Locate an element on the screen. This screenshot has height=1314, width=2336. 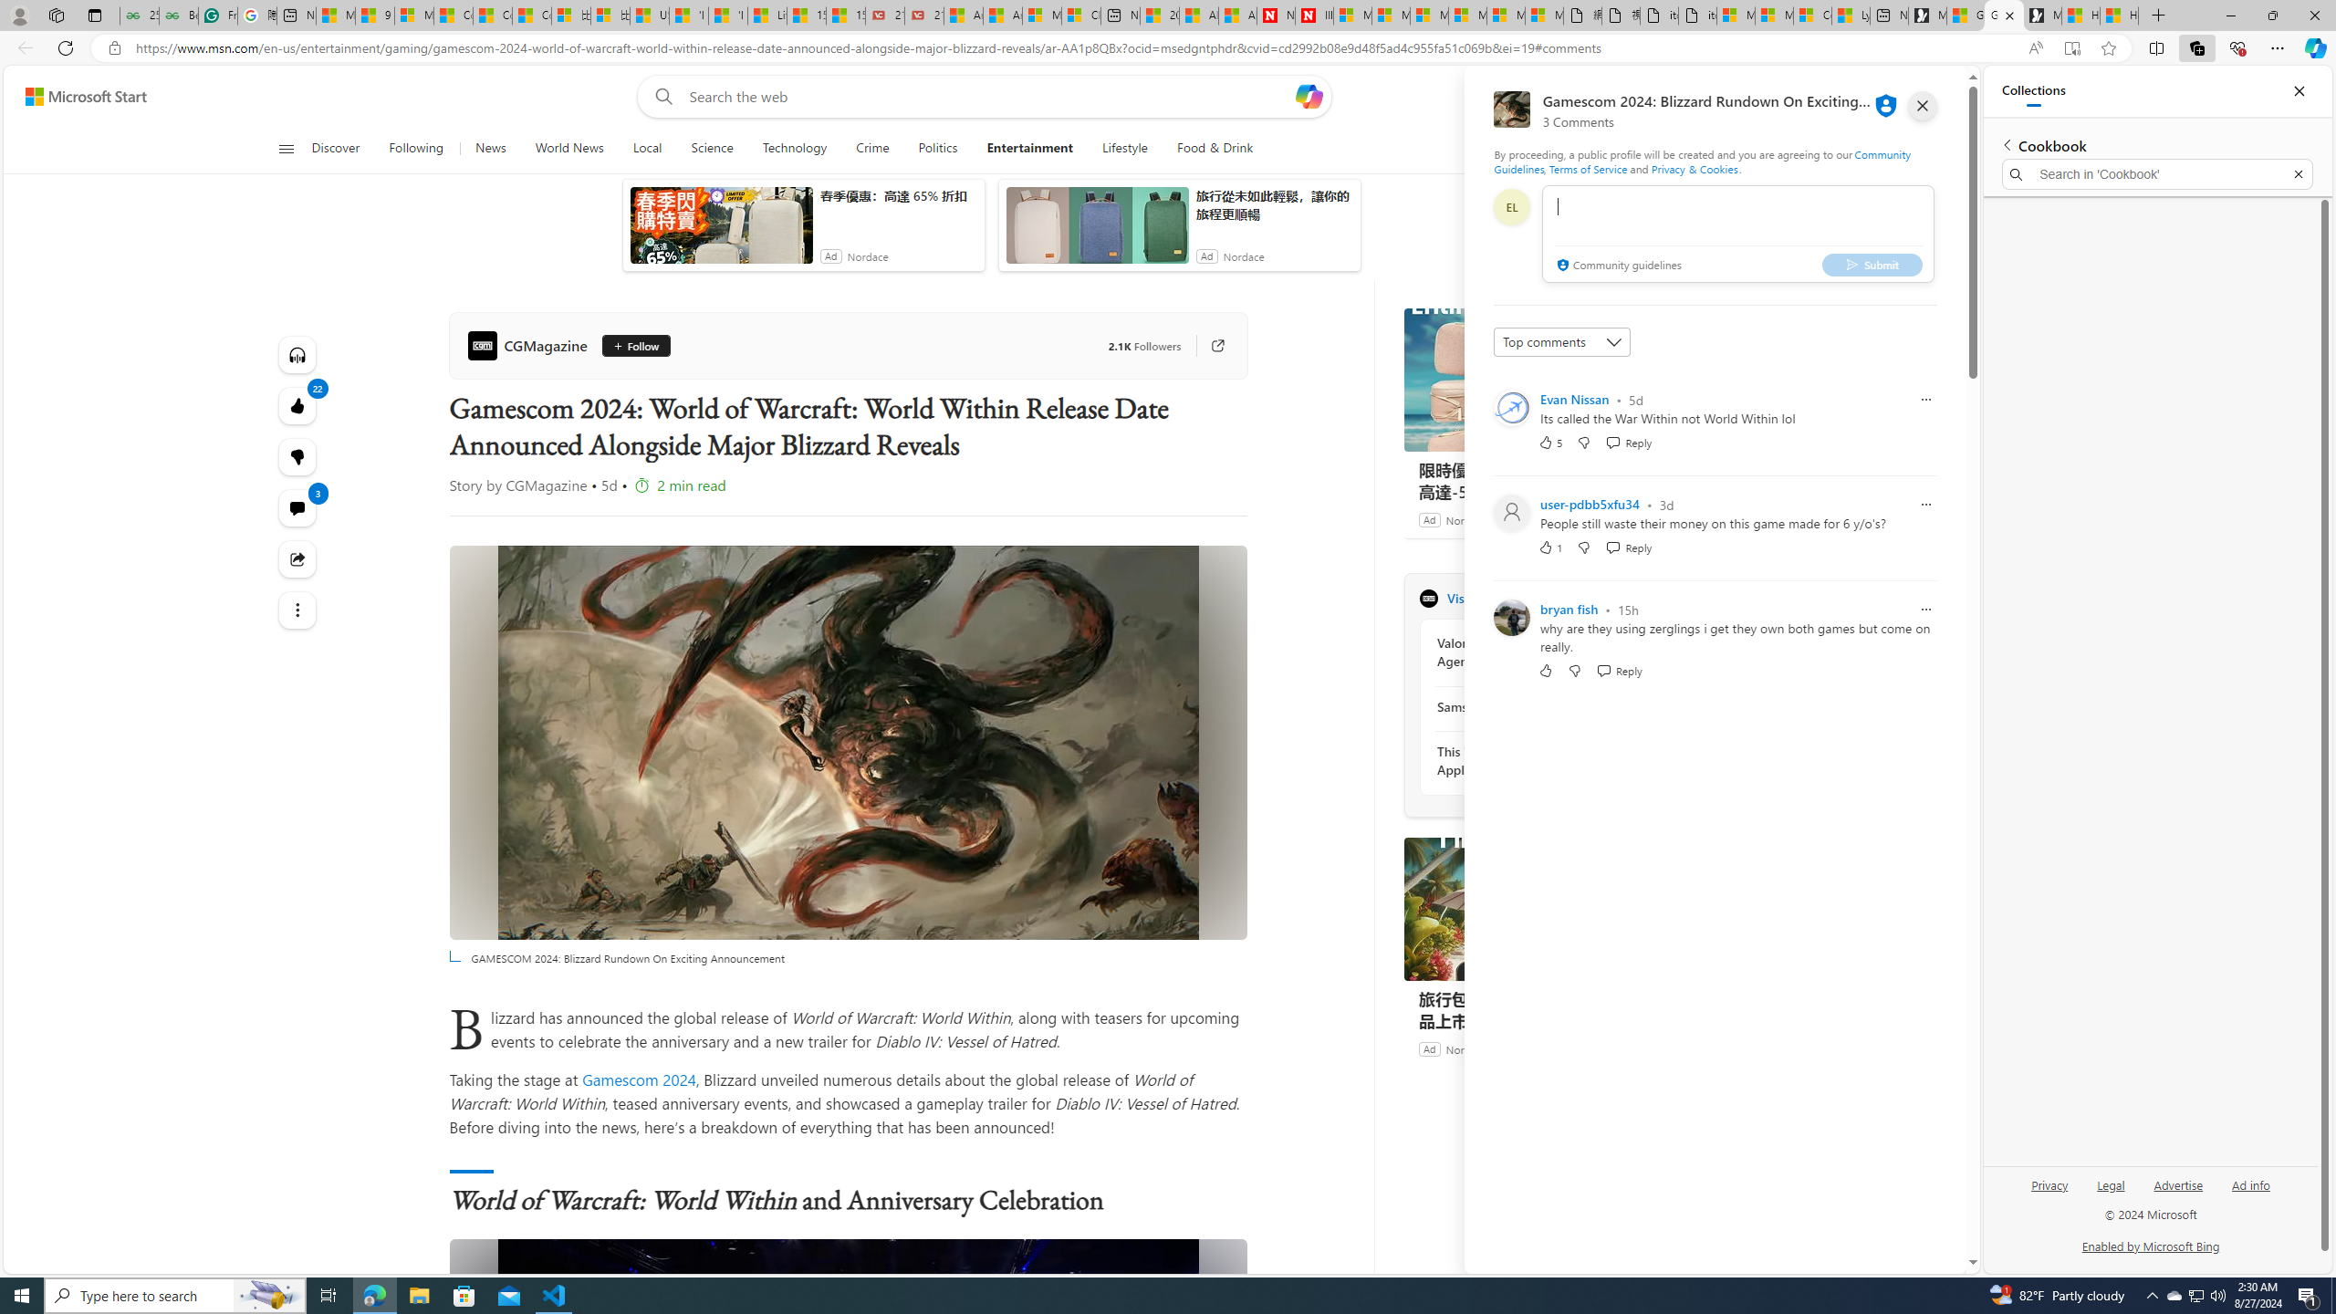
'Evan Nissan' is located at coordinates (1573, 398).